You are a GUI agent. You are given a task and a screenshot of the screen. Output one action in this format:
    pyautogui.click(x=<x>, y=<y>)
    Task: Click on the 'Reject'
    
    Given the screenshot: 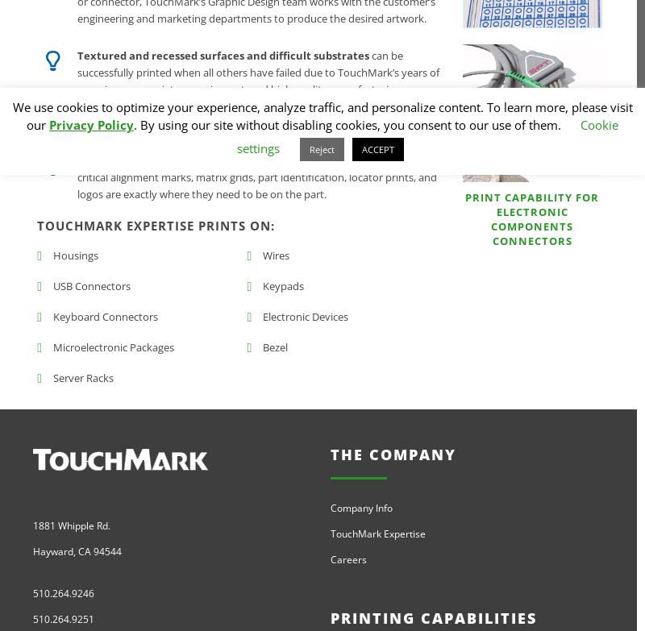 What is the action you would take?
    pyautogui.click(x=309, y=149)
    